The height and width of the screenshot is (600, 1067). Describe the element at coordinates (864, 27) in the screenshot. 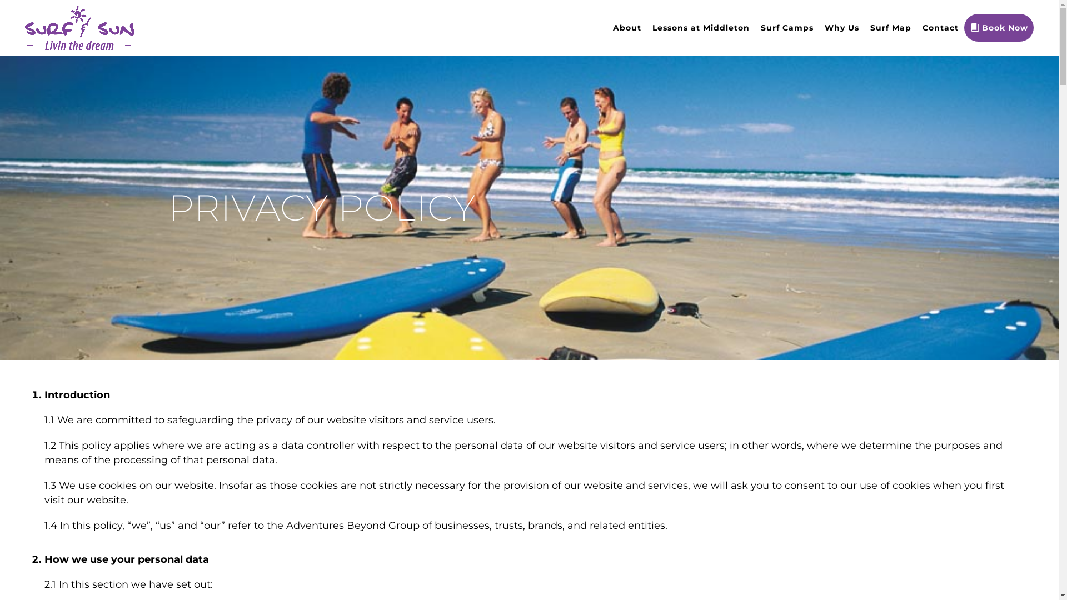

I see `'Surf Map'` at that location.